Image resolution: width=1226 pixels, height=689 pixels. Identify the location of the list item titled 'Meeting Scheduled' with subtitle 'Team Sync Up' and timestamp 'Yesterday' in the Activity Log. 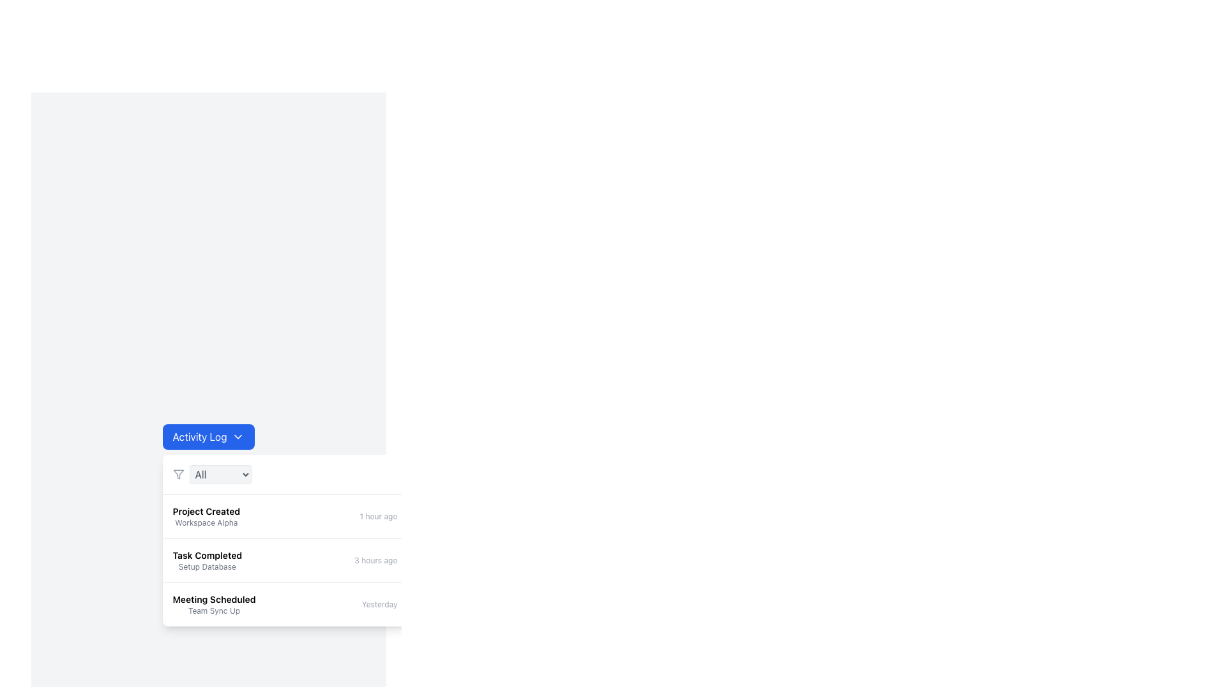
(284, 604).